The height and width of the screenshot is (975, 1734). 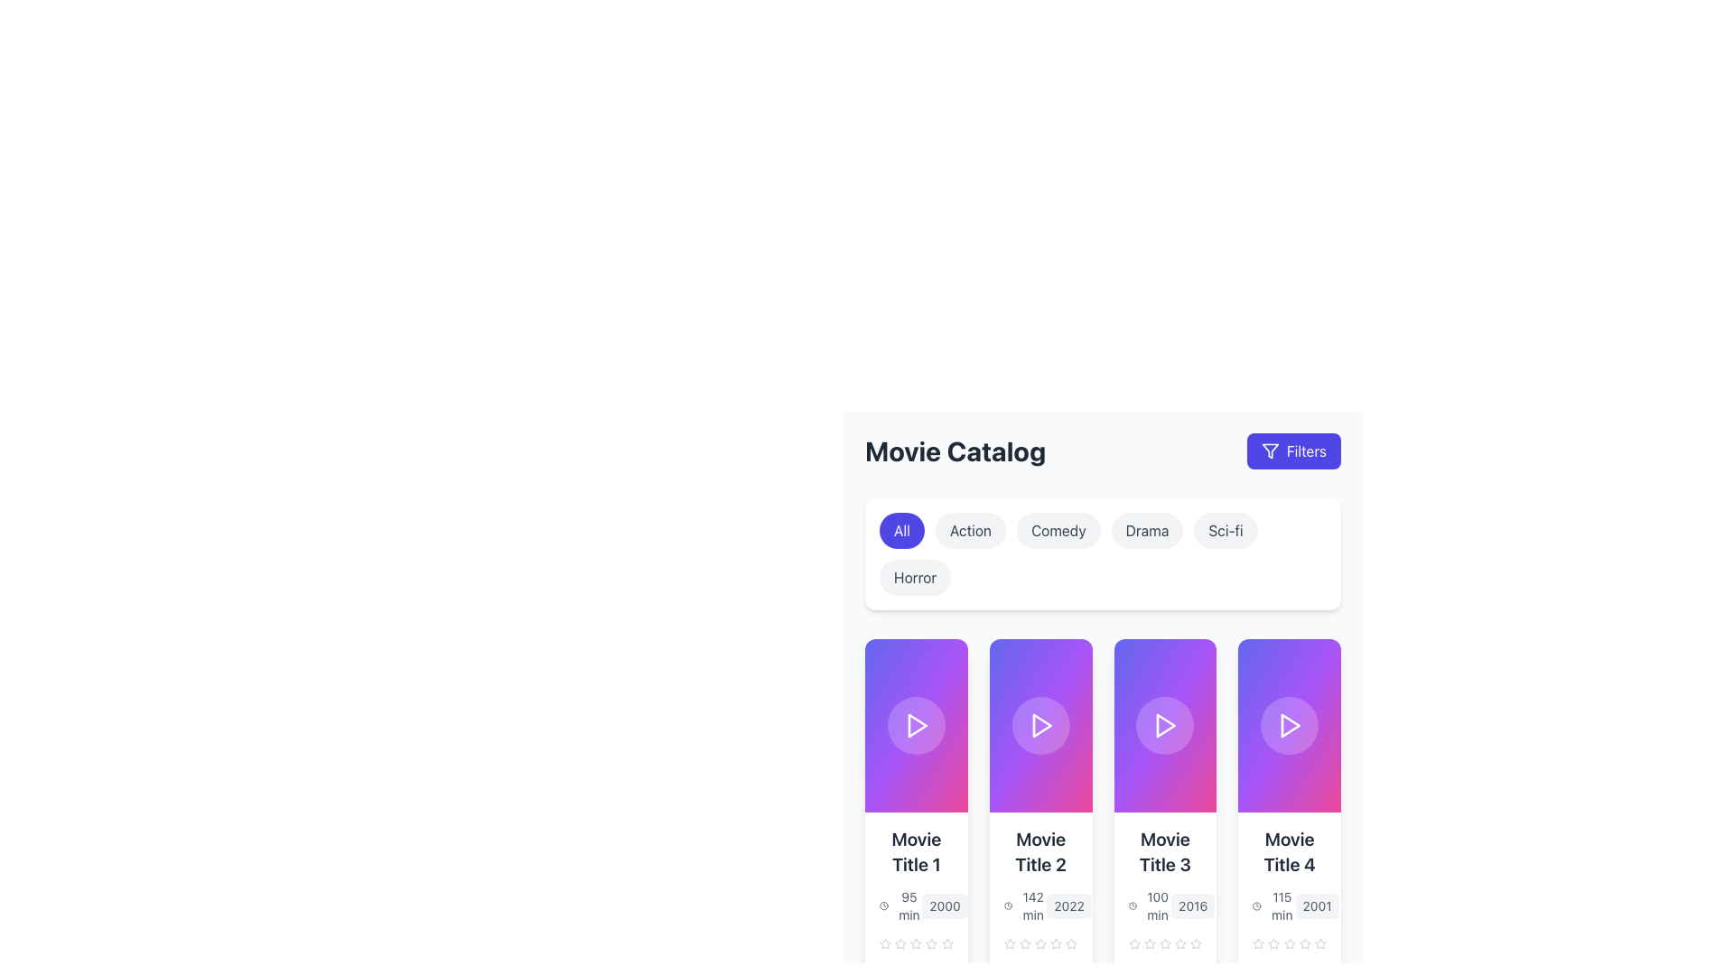 I want to click on the first rating star icon for 'Movie Title 3' to prepare for interaction, so click(x=1180, y=942).